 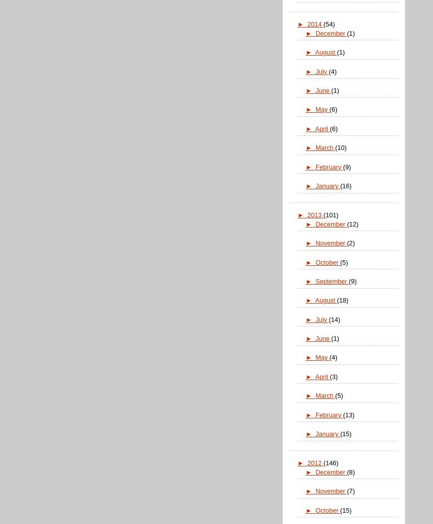 I want to click on '2014', so click(x=314, y=24).